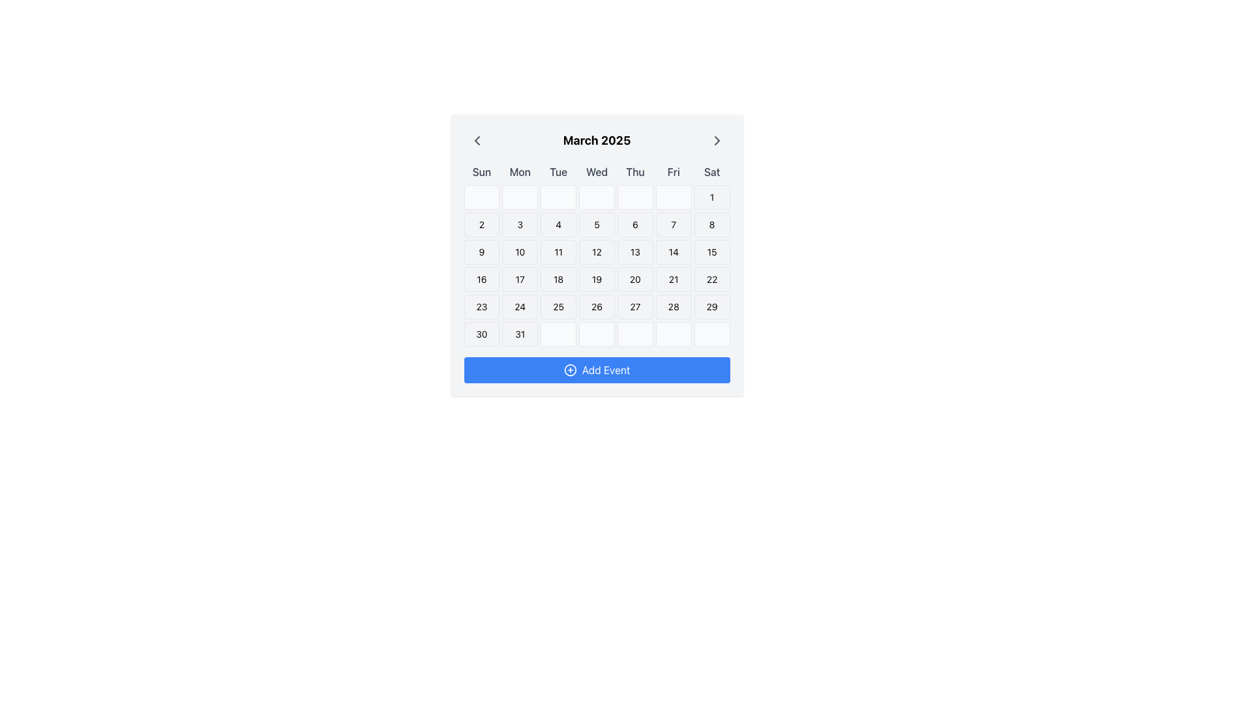 This screenshot has height=704, width=1252. Describe the element at coordinates (476, 141) in the screenshot. I see `the left-pointing chevron arrow icon button in the top-left corner of the calendar panel` at that location.